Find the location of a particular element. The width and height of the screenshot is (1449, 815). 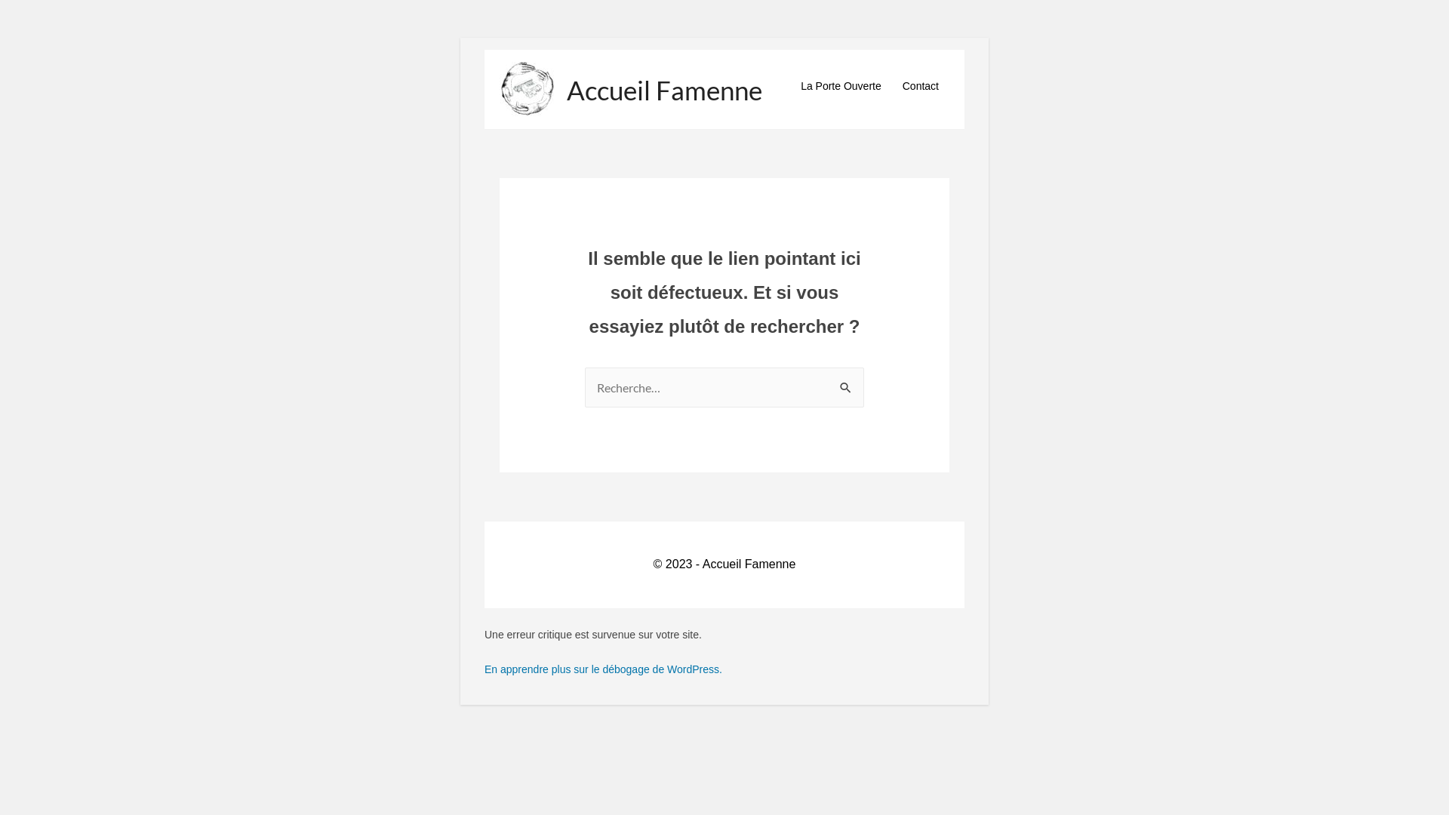

'La Porte Ouverte' is located at coordinates (840, 86).